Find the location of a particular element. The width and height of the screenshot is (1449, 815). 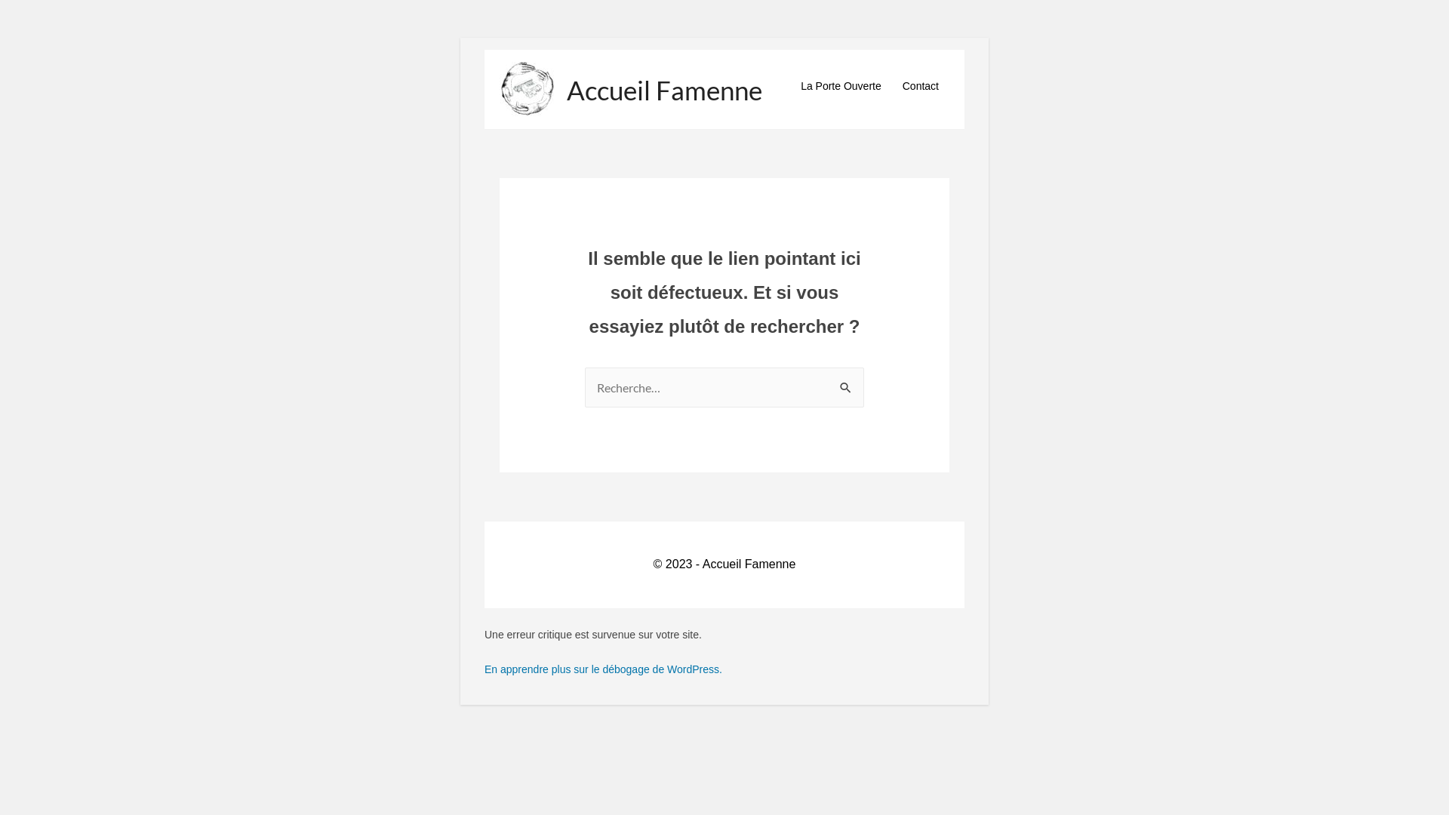

'La Porte Ouverte' is located at coordinates (840, 86).